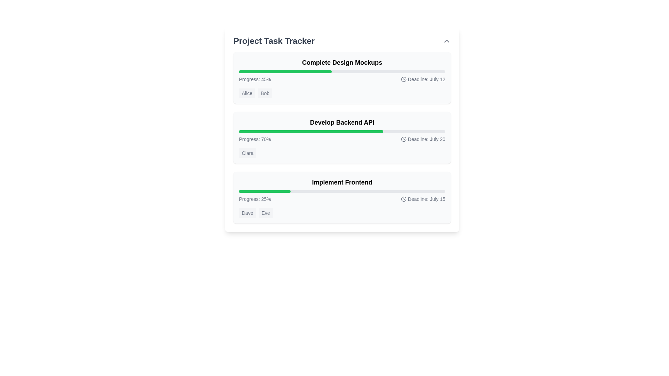 This screenshot has width=669, height=376. Describe the element at coordinates (247, 213) in the screenshot. I see `text of the first label displaying the participant's name associated with the 'Implement Frontend' task, located at the bottom section of the task card` at that location.